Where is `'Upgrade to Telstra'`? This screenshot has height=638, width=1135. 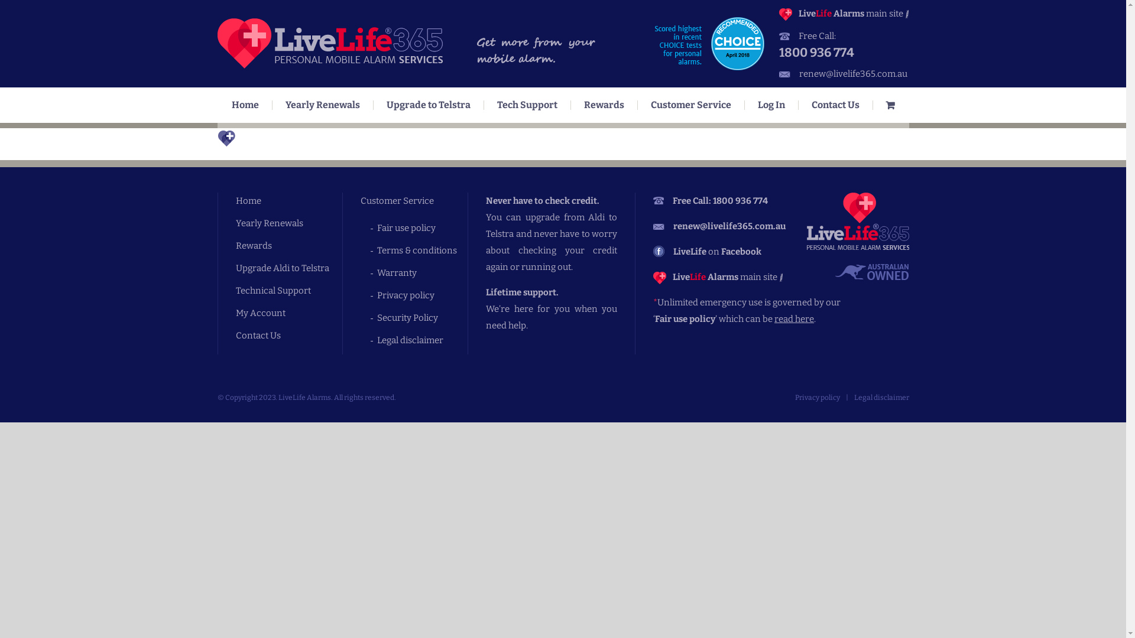
'Upgrade to Telstra' is located at coordinates (428, 104).